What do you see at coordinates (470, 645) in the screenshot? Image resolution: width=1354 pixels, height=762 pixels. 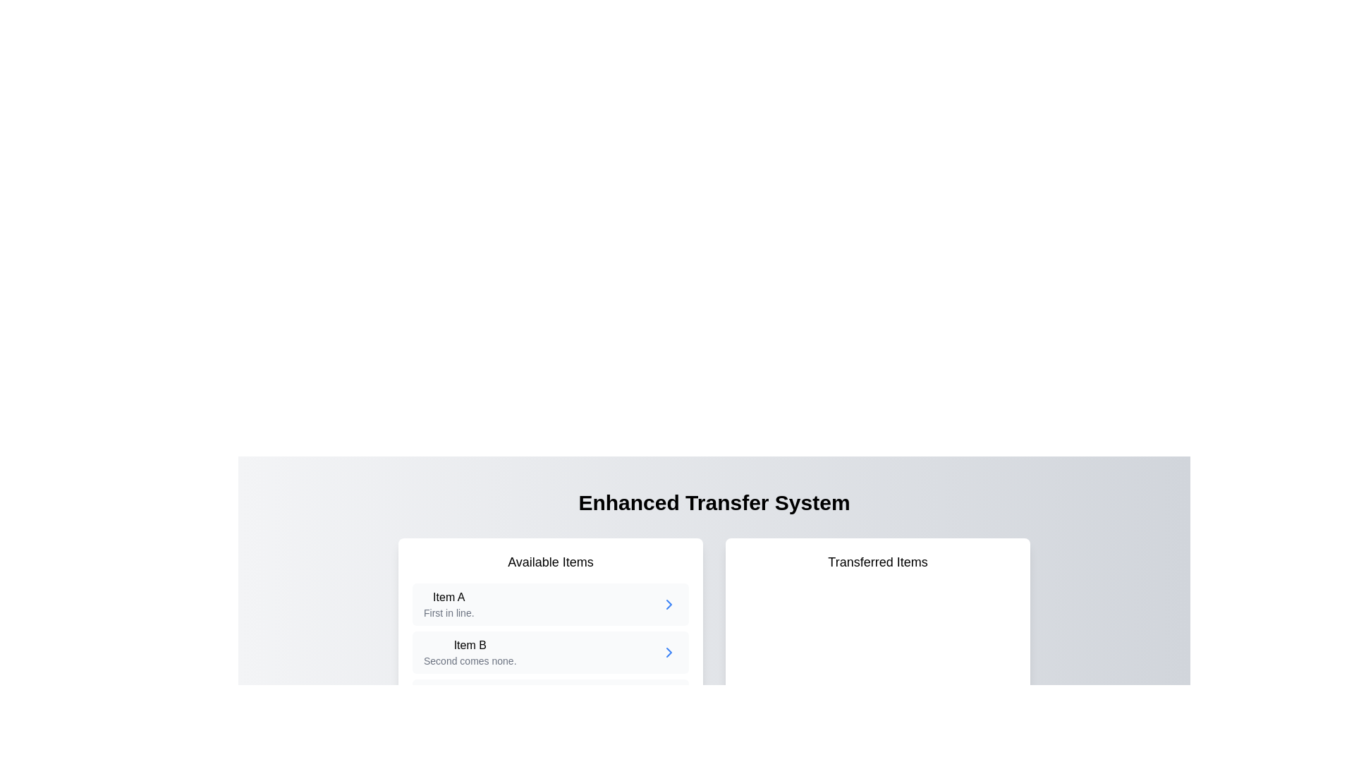 I see `the bold text 'Item B' located in the second entry of the 'Available Items' list, which is visually above the lighter text 'Second comes none.'` at bounding box center [470, 645].